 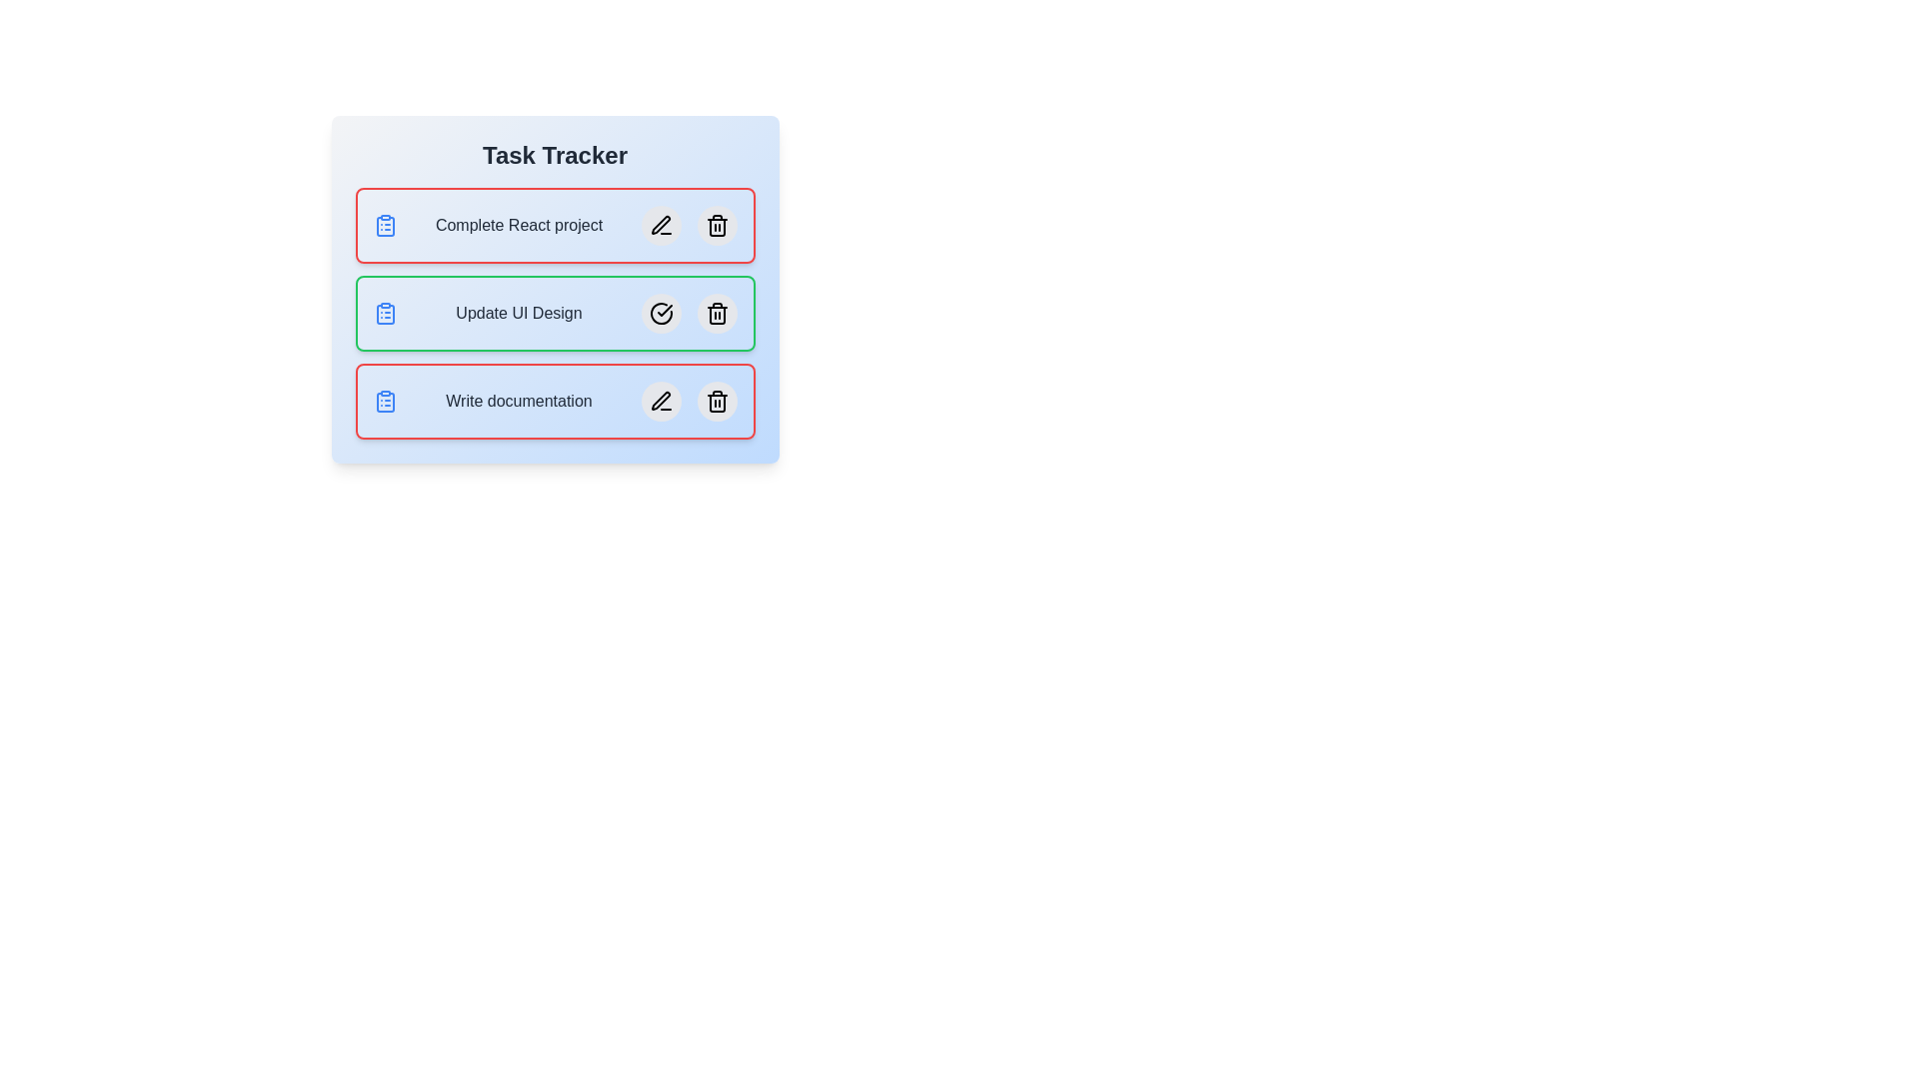 I want to click on the edit icon of the task Update UI Design, so click(x=661, y=313).